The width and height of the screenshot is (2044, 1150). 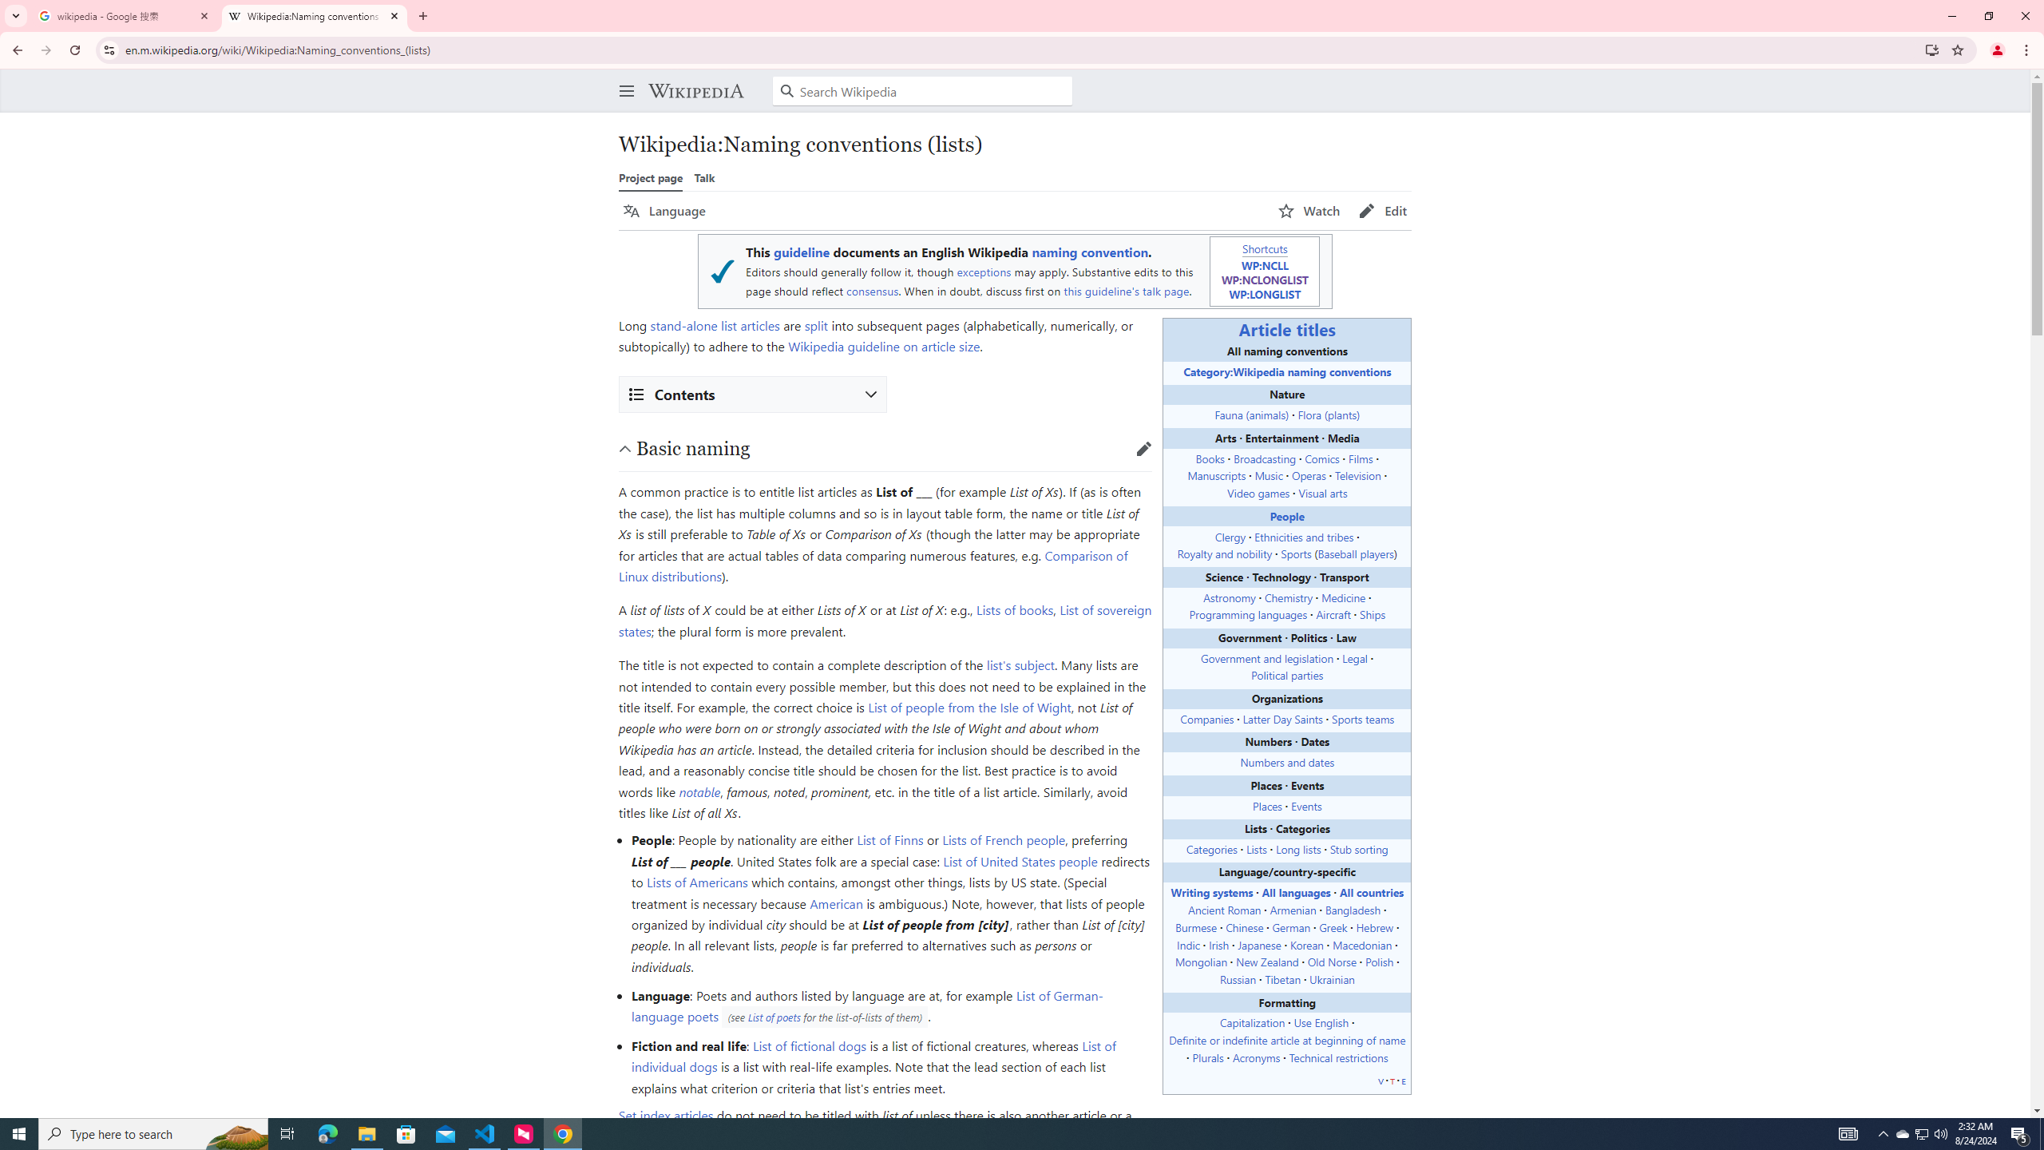 I want to click on 'Article titles', so click(x=1286, y=328).